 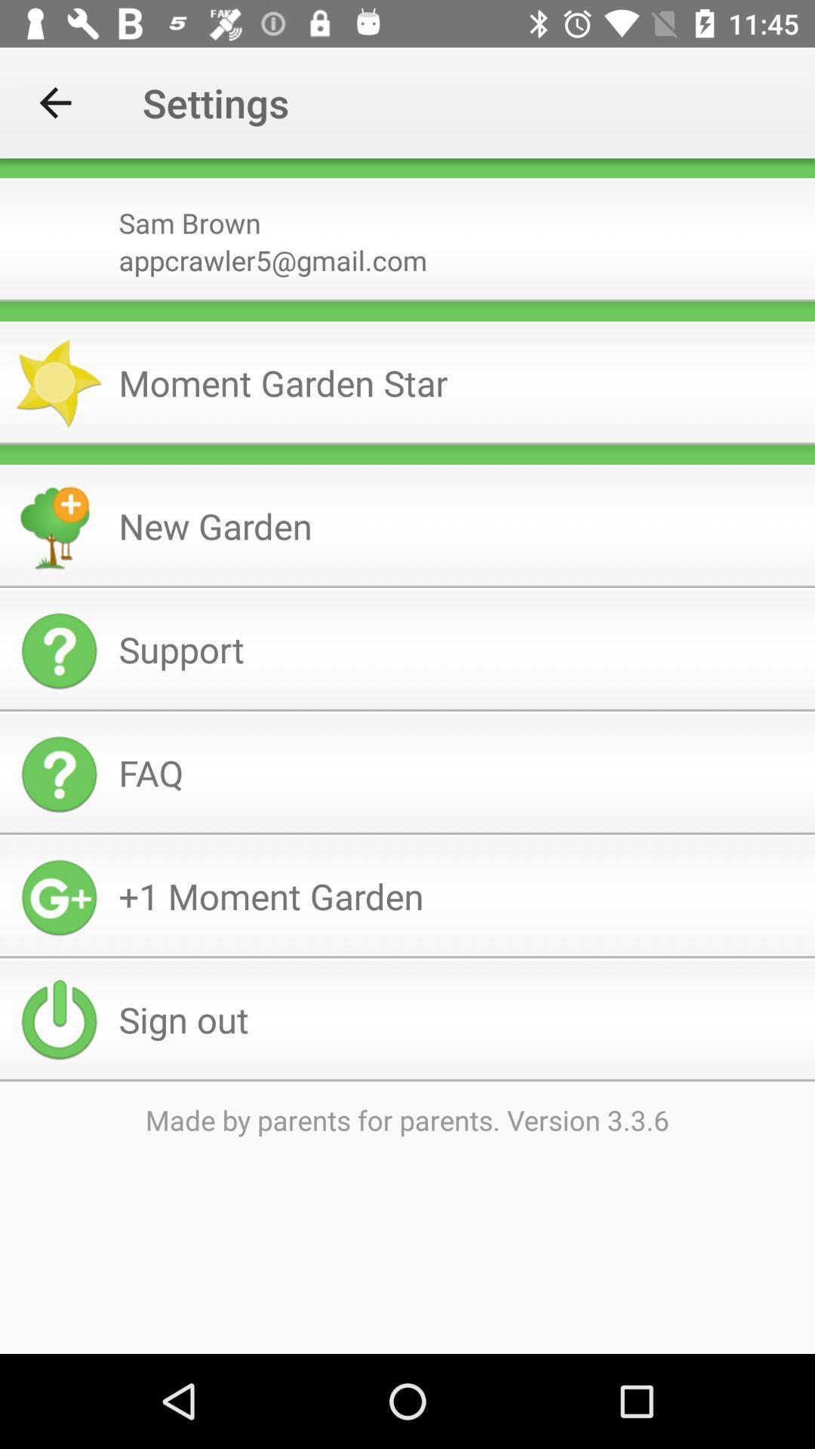 What do you see at coordinates (407, 168) in the screenshot?
I see `icon` at bounding box center [407, 168].